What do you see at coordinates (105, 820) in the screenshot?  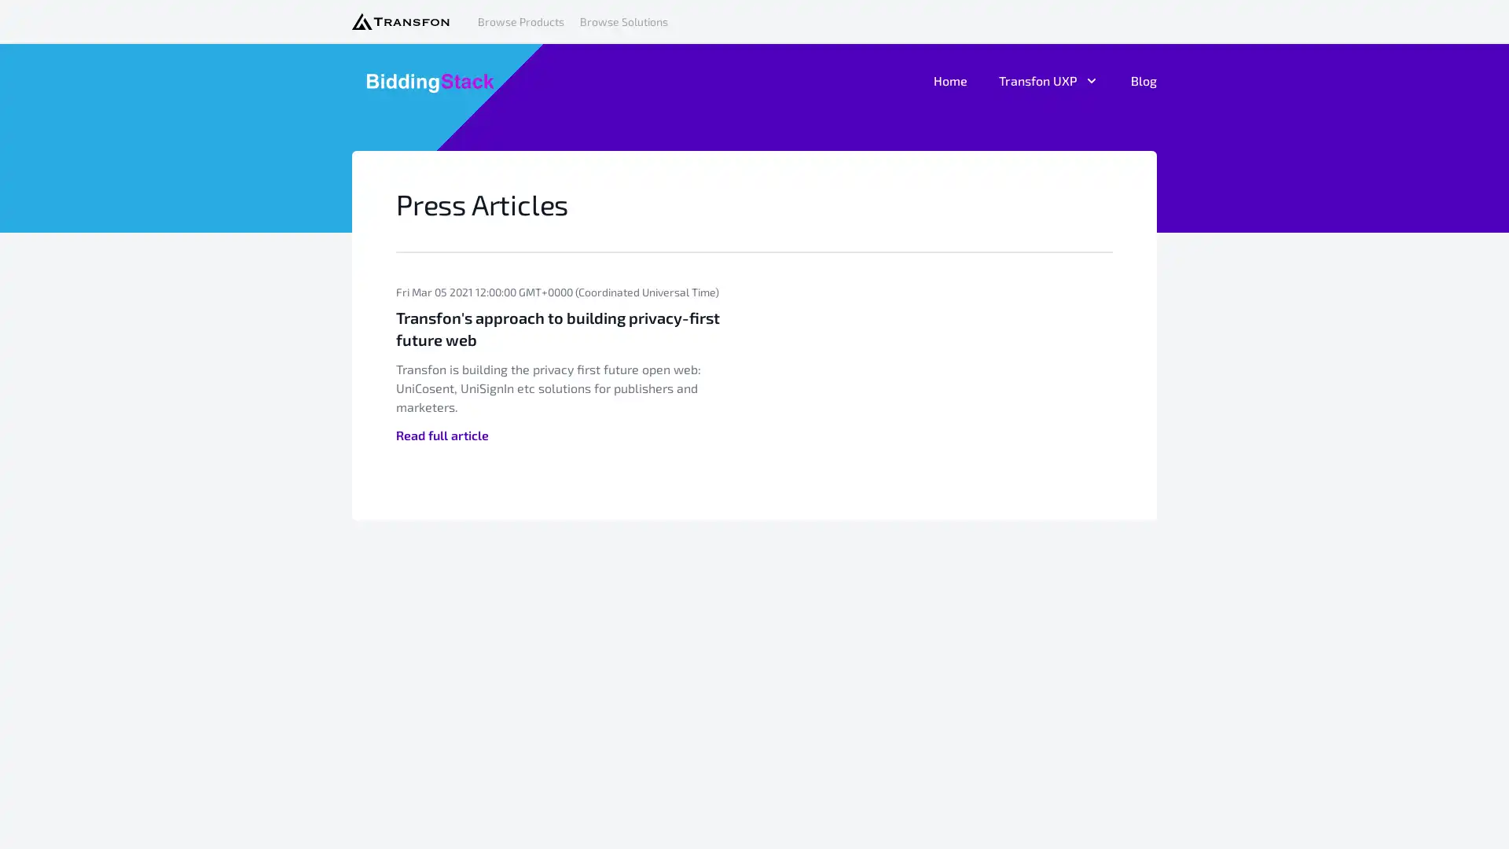 I see `Do Not Sell My Data` at bounding box center [105, 820].